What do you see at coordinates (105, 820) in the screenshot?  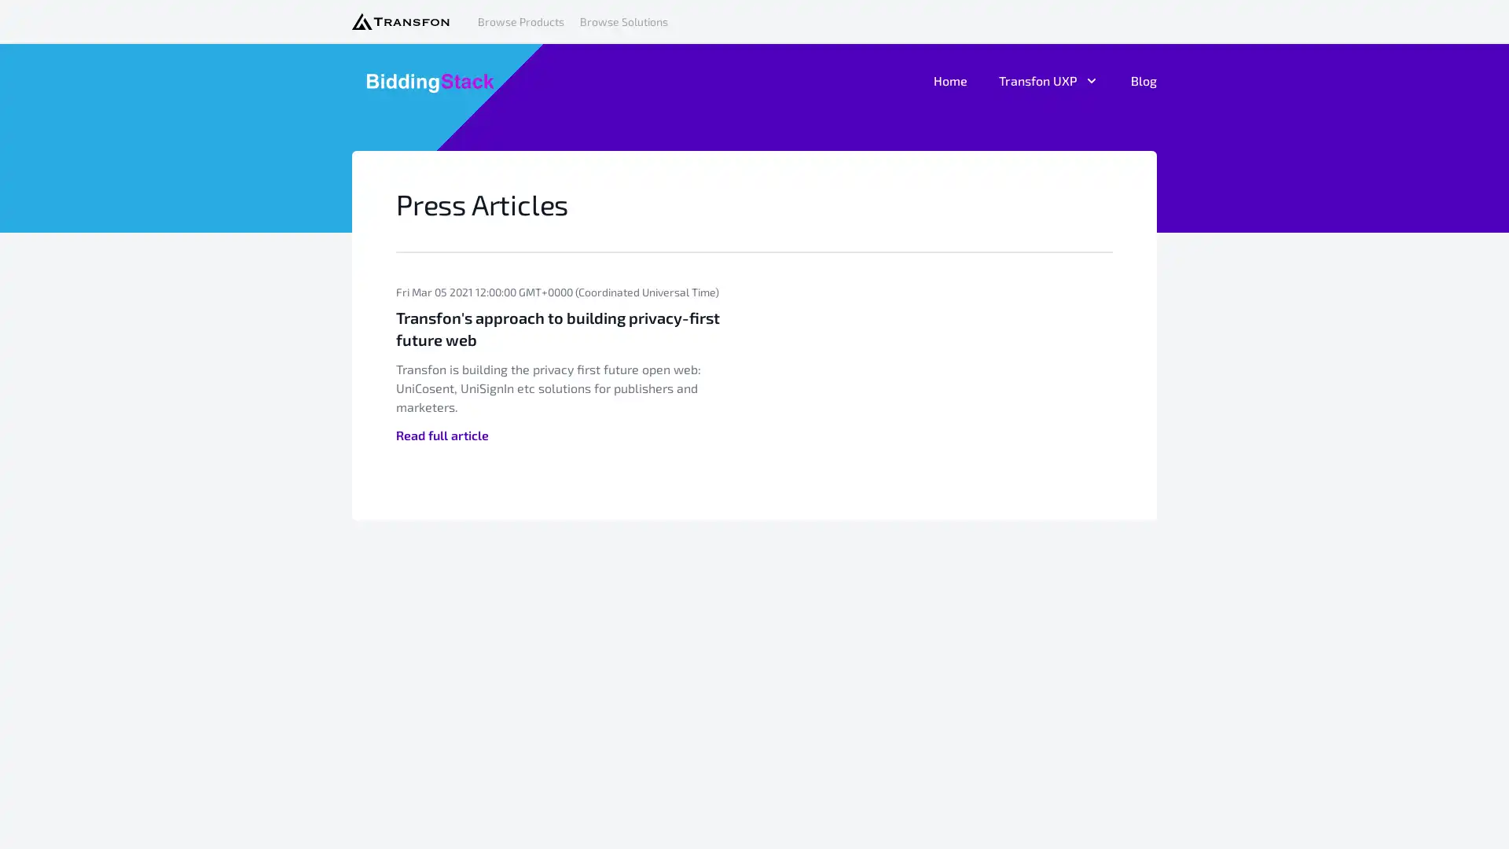 I see `Do Not Sell My Data` at bounding box center [105, 820].